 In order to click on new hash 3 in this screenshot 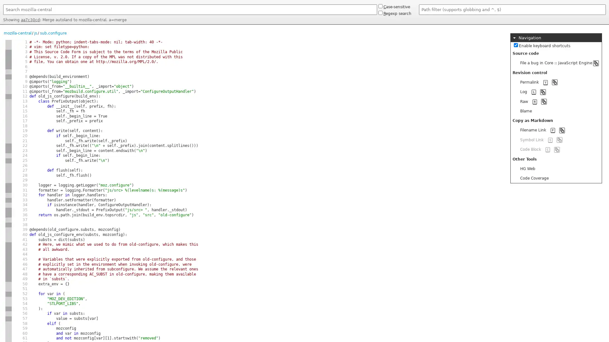, I will do `click(9, 324)`.